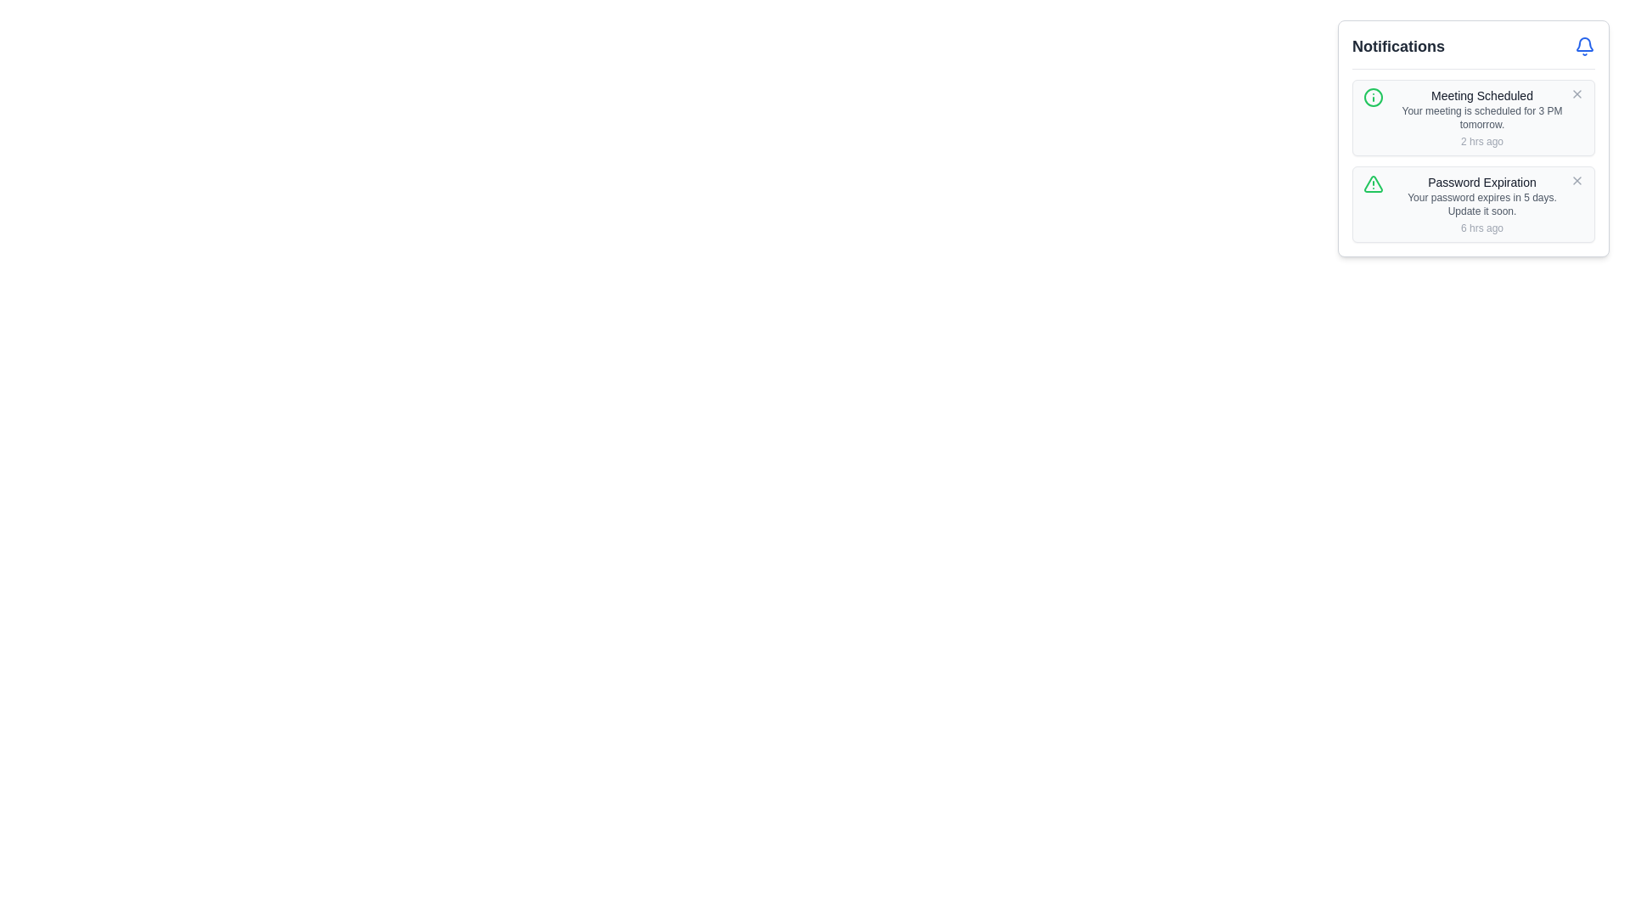  What do you see at coordinates (1473, 203) in the screenshot?
I see `the notification card that alerts the user about the upcoming expiration of their password, located below the 'Meeting Scheduled' notification in the 'Notifications' panel` at bounding box center [1473, 203].